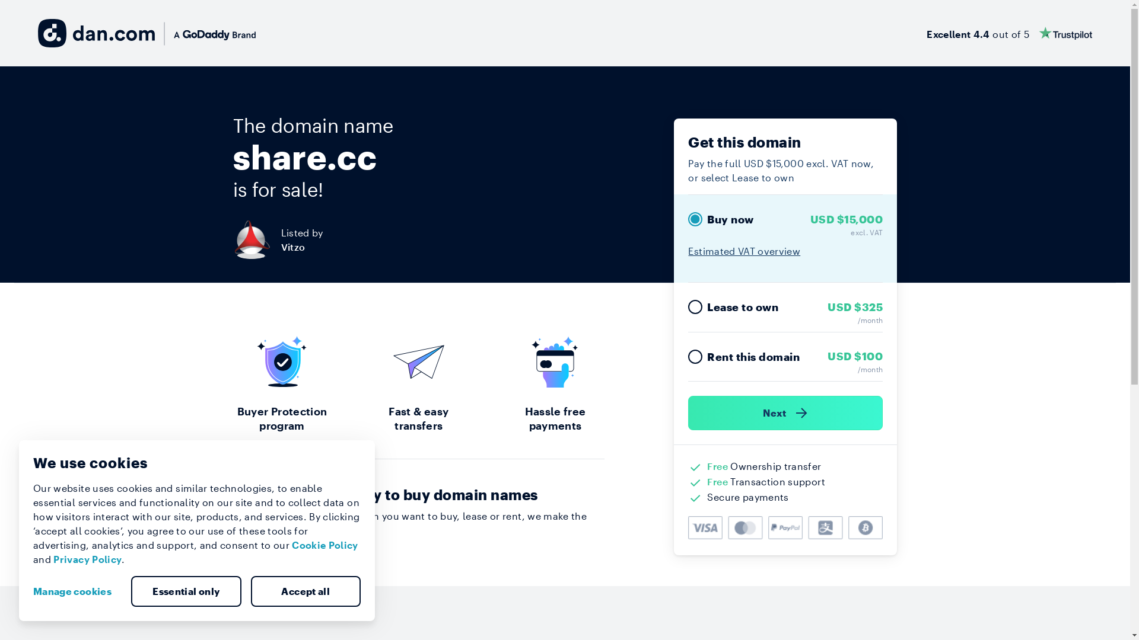  Describe the element at coordinates (87, 559) in the screenshot. I see `'Privacy Policy'` at that location.